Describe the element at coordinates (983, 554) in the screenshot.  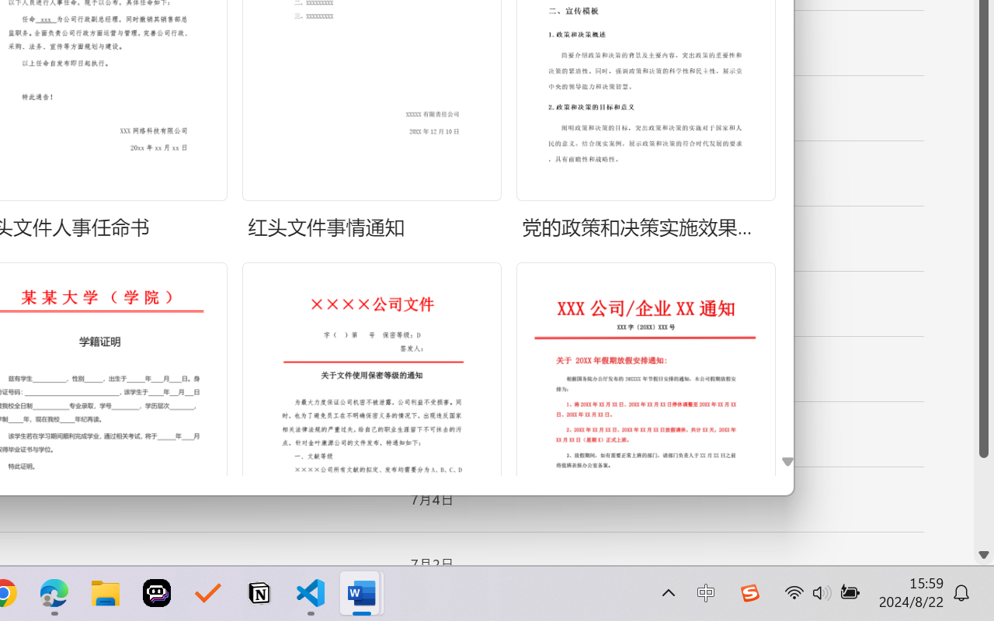
I see `'Line down'` at that location.